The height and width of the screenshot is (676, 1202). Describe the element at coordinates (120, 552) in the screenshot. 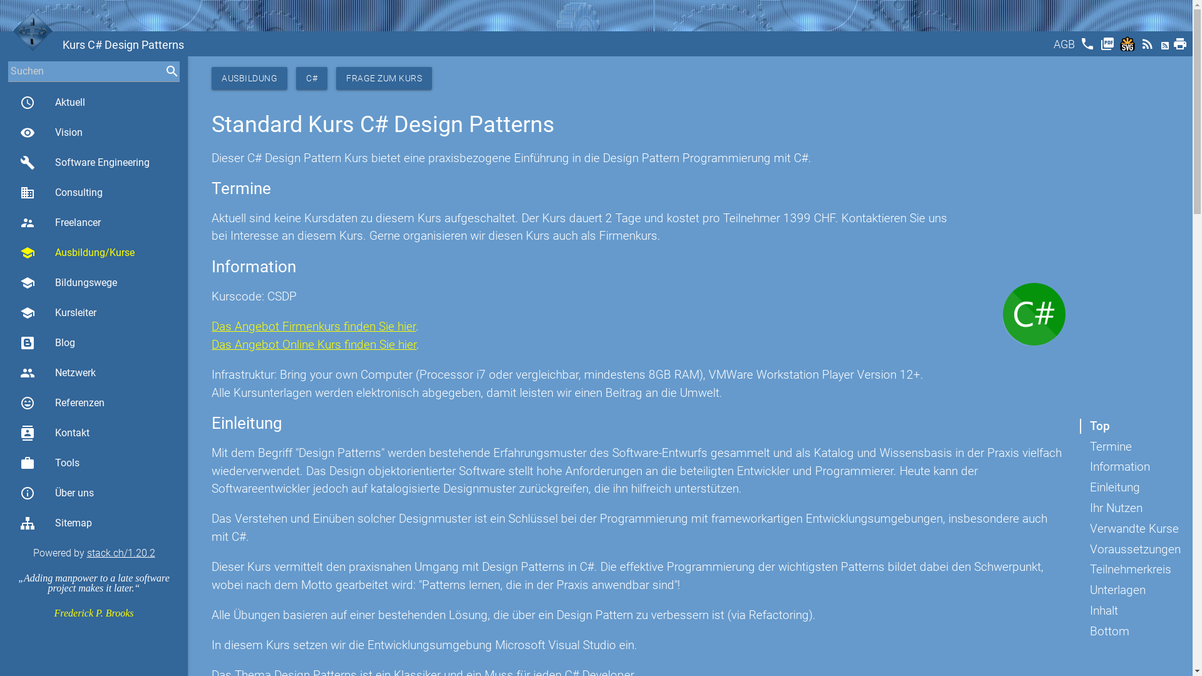

I see `'stack.ch/1.20.2'` at that location.